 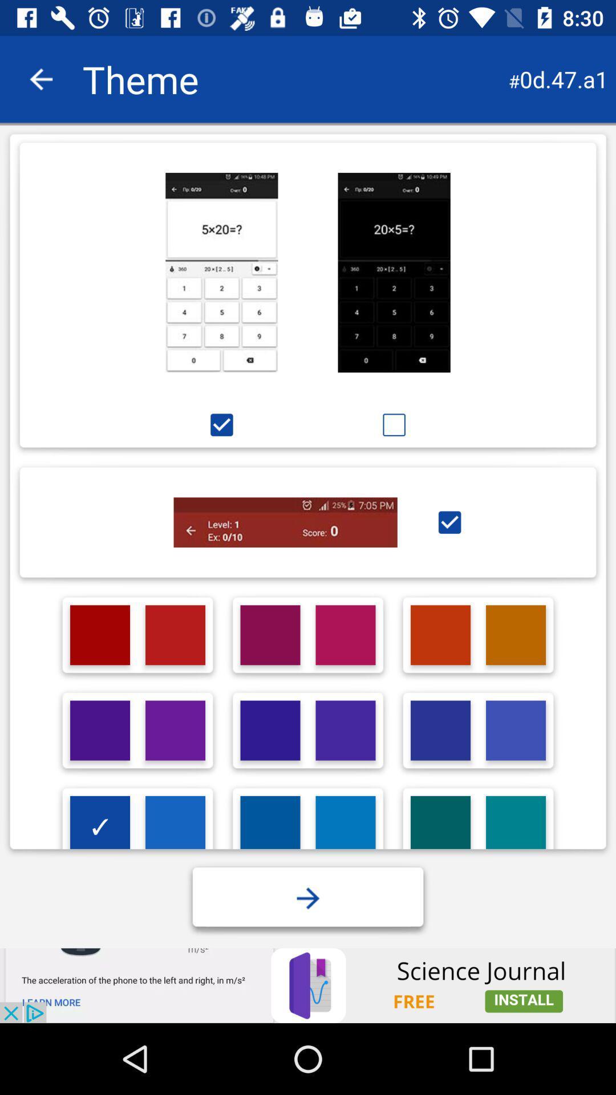 I want to click on backward, so click(x=40, y=79).